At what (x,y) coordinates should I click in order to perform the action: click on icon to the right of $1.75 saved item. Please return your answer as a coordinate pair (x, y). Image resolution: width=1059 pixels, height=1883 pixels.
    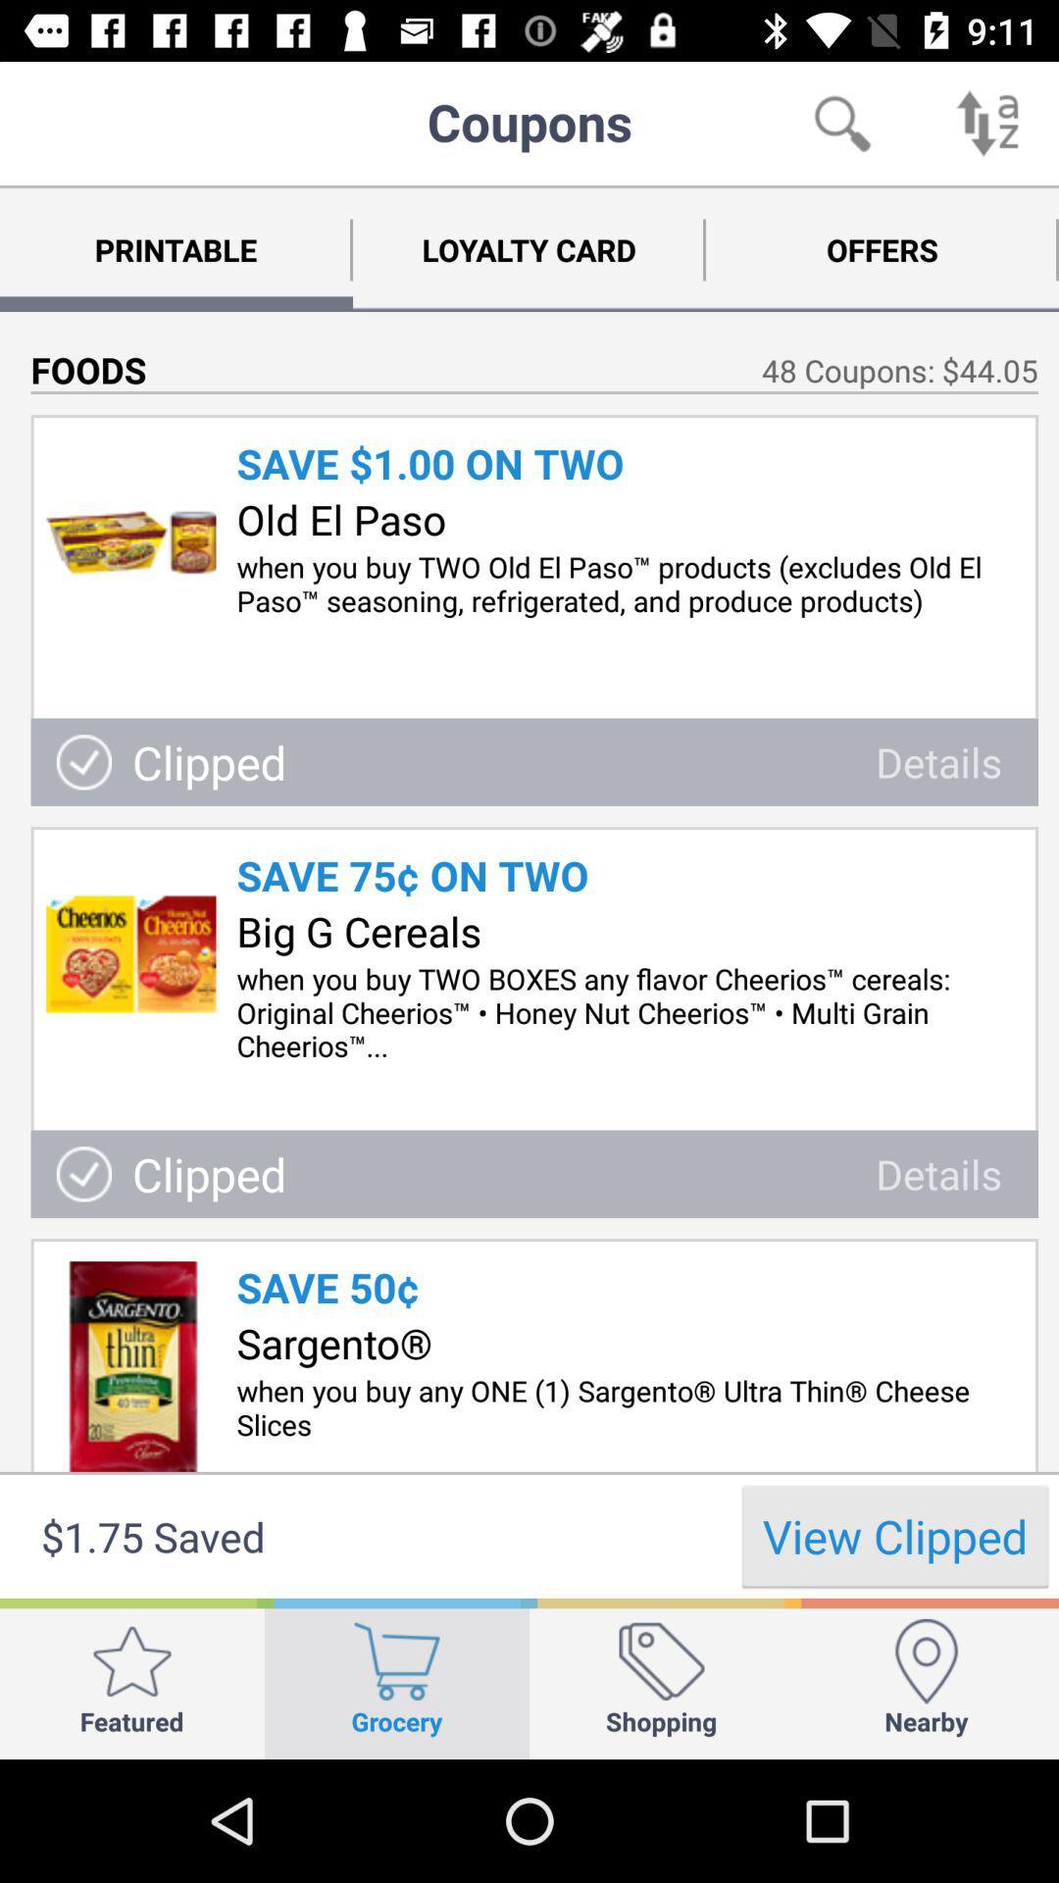
    Looking at the image, I should click on (895, 1535).